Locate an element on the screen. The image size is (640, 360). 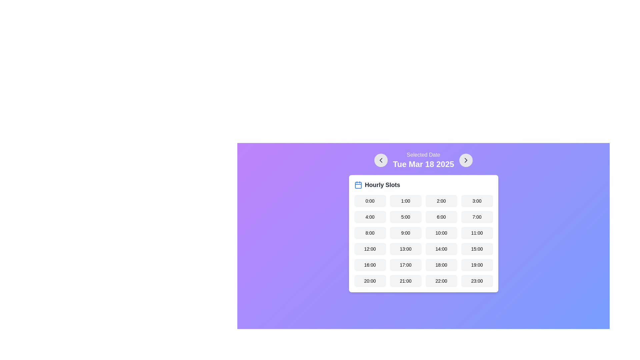
the rectangular button labeled '17:00' in the fifth row and second column of the 'Hourly Slots' section is located at coordinates (405, 264).